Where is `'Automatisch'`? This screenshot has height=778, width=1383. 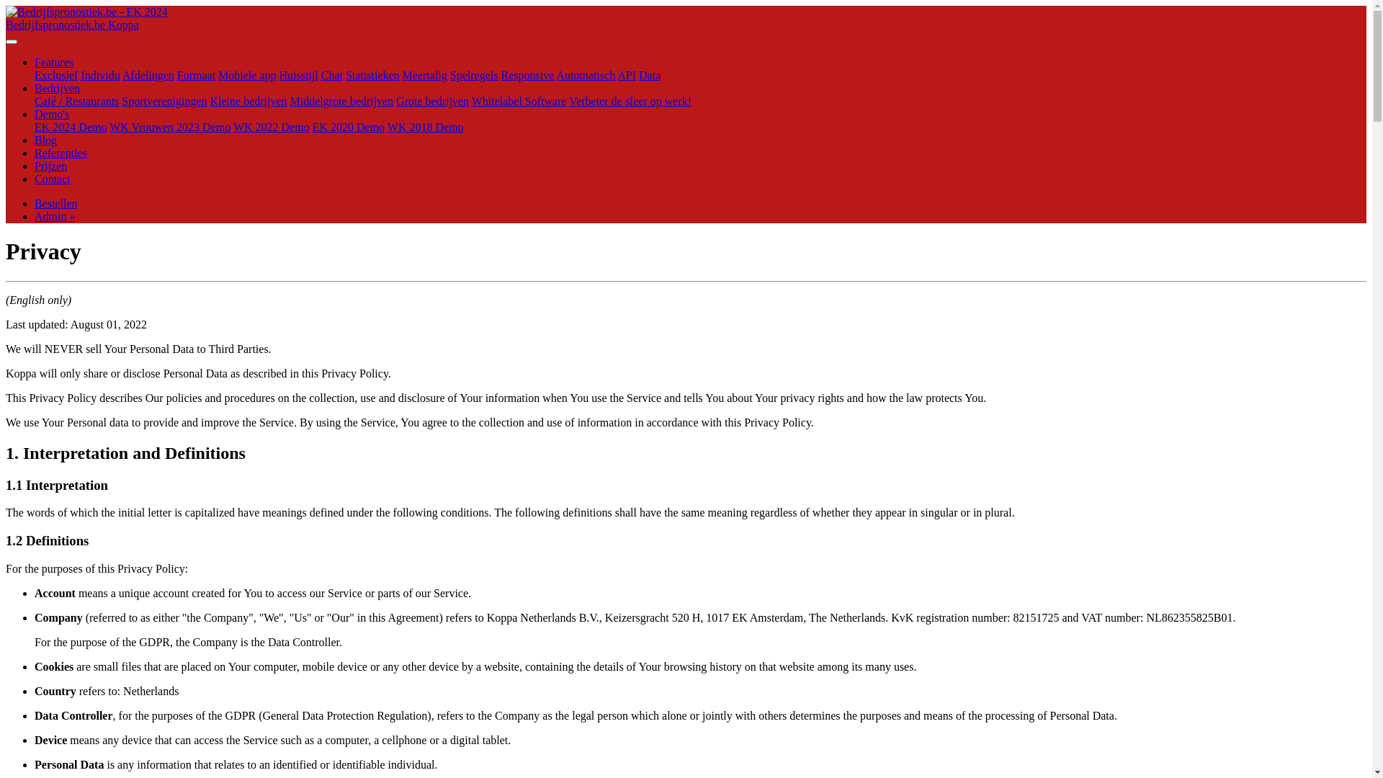 'Automatisch' is located at coordinates (585, 75).